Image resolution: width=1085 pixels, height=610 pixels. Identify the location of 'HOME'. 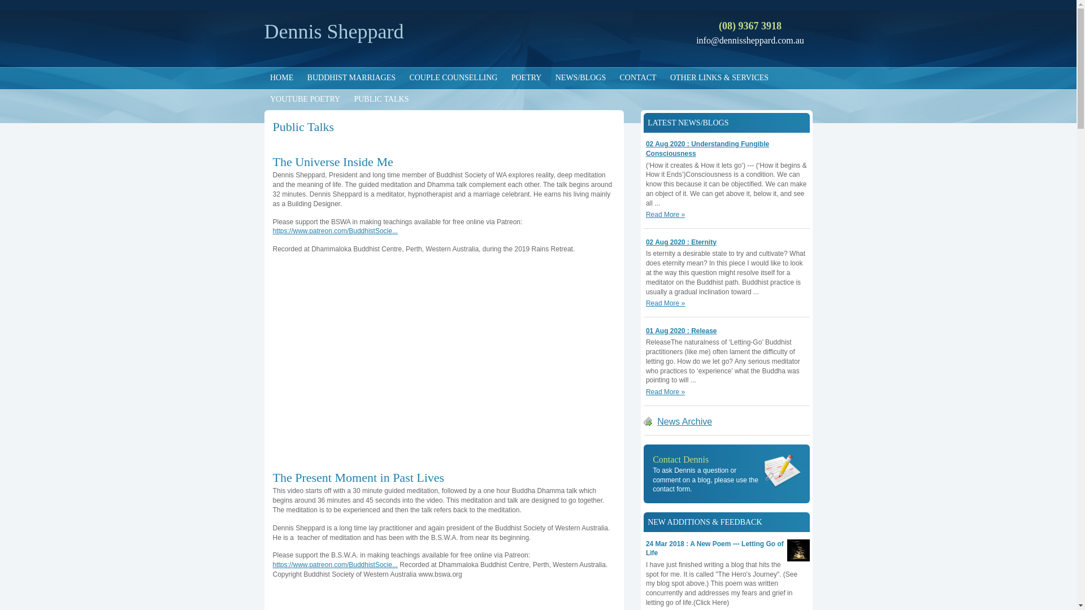
(282, 77).